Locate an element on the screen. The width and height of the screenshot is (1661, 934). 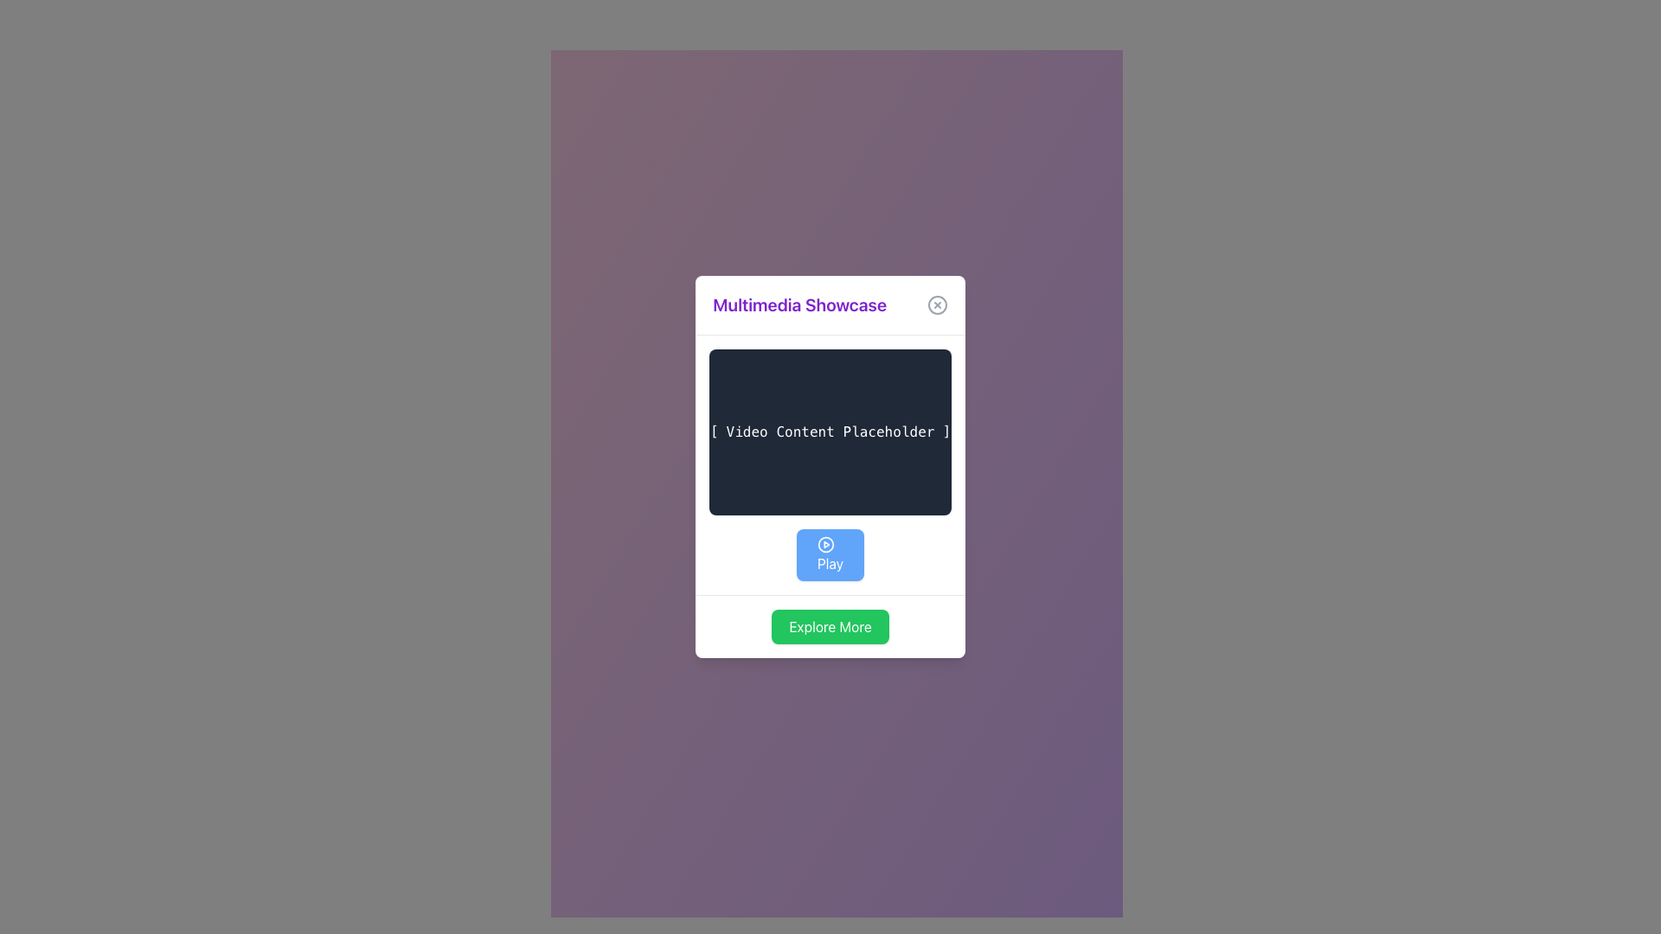
the small circular play icon located inside the 'Play' button is located at coordinates (824, 543).